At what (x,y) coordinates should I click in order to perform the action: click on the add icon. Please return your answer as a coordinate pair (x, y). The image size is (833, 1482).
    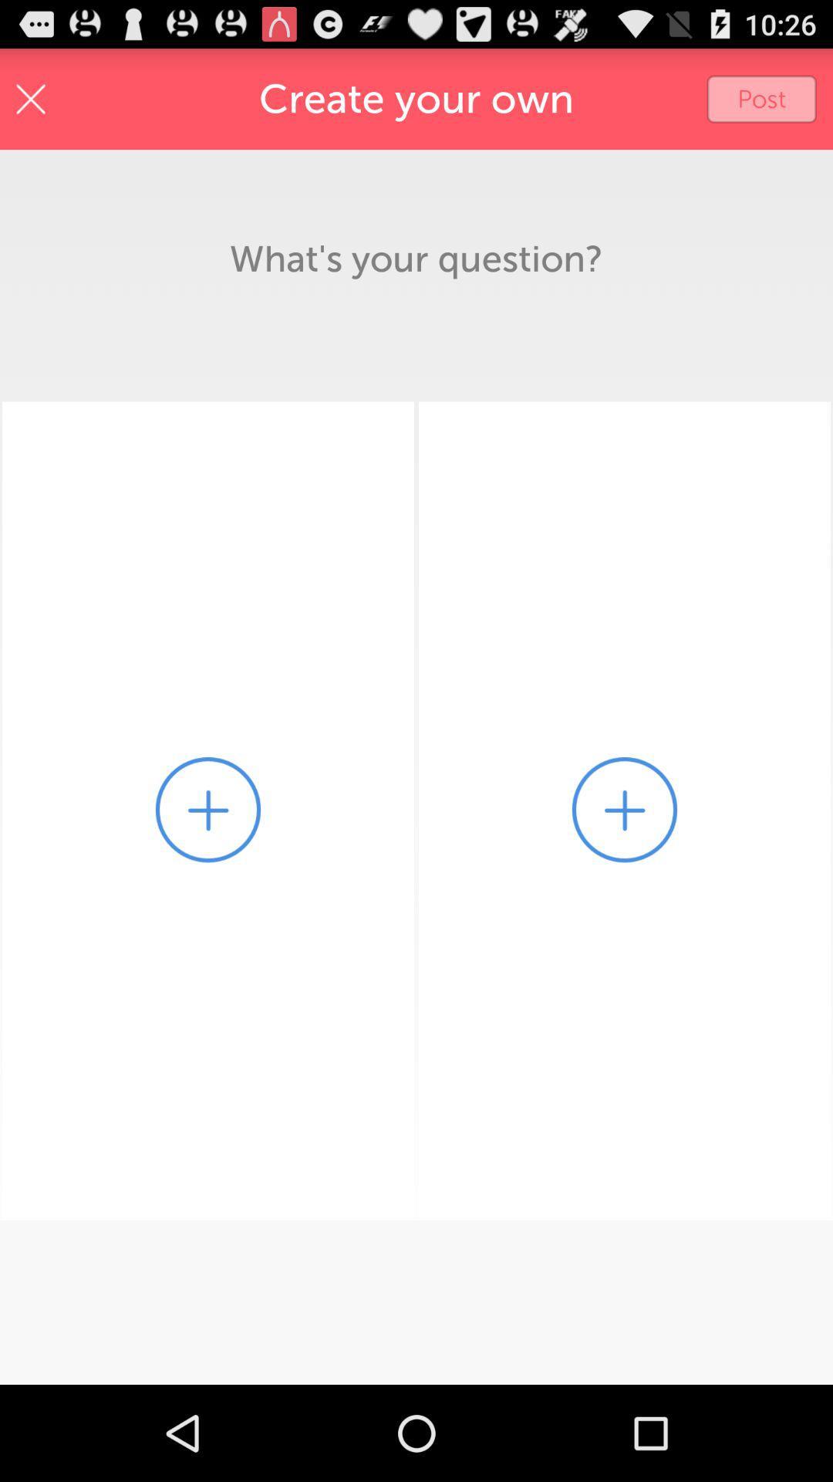
    Looking at the image, I should click on (625, 867).